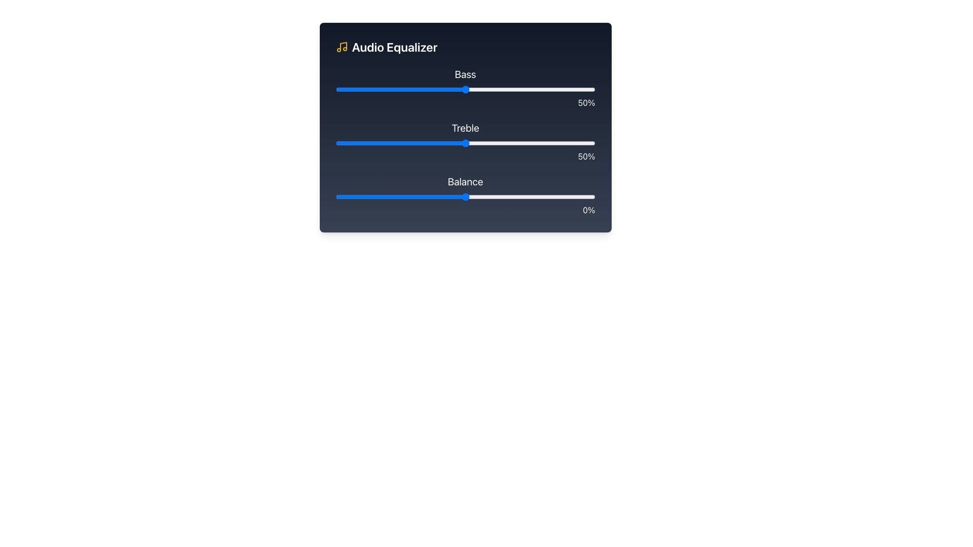 Image resolution: width=973 pixels, height=547 pixels. I want to click on the Bass level, so click(395, 89).